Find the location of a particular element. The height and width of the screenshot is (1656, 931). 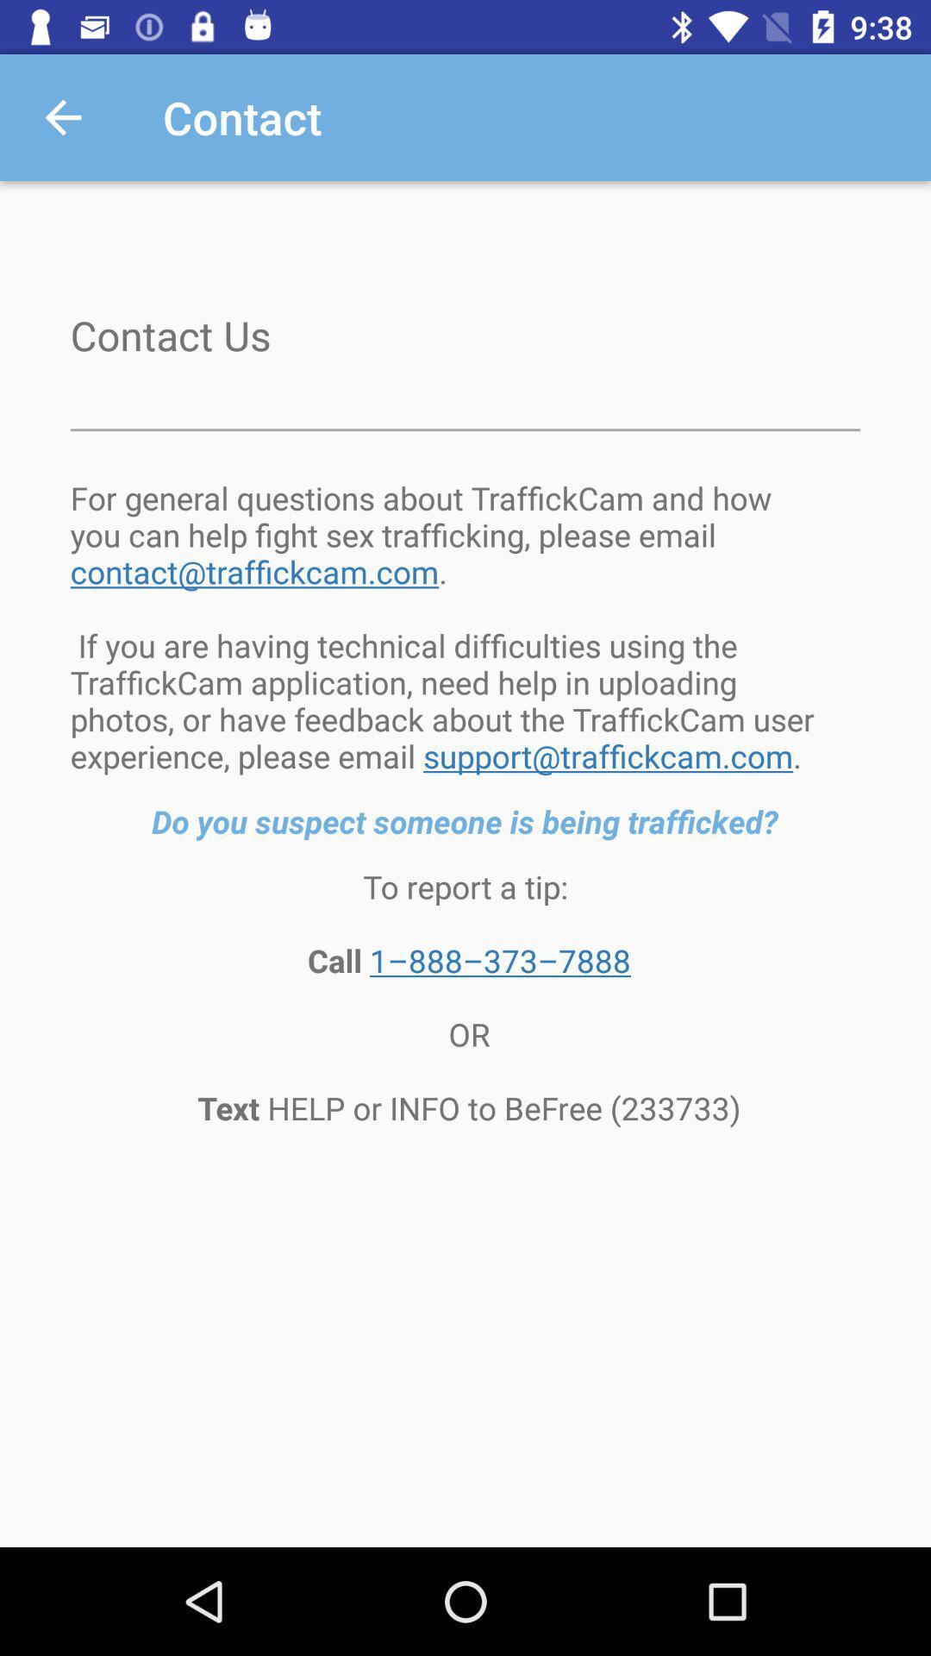

the item below the do you suspect is located at coordinates (465, 997).